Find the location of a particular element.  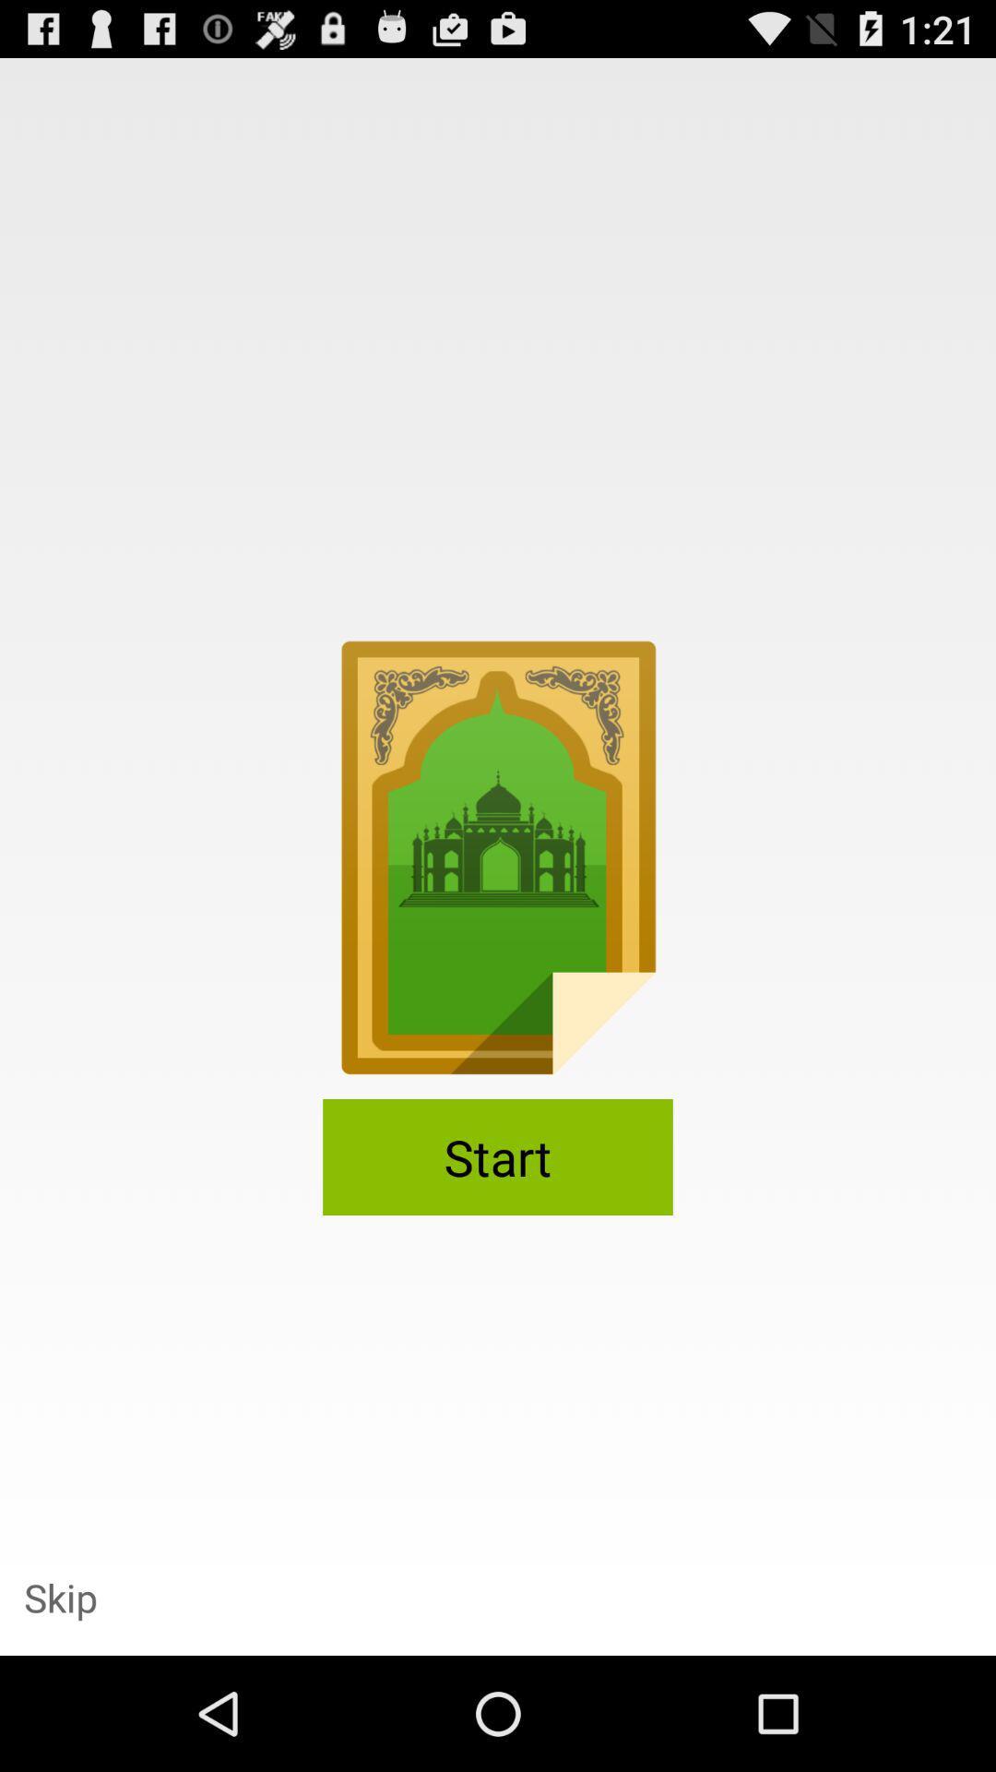

skip item is located at coordinates (59, 1597).